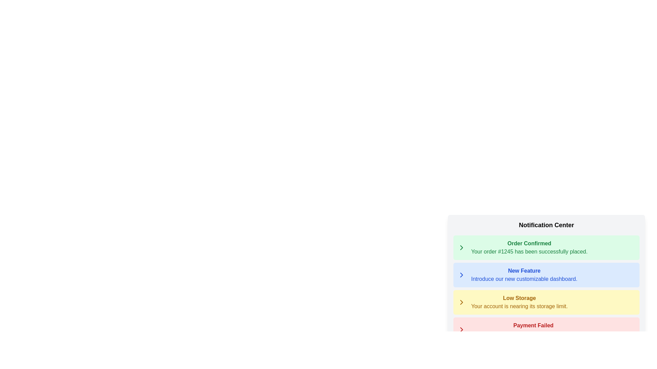 This screenshot has height=369, width=657. Describe the element at coordinates (519, 306) in the screenshot. I see `text label displaying the message 'Your account is nearing its storage limit.' located below the 'Low Storage' header in the notification card` at that location.